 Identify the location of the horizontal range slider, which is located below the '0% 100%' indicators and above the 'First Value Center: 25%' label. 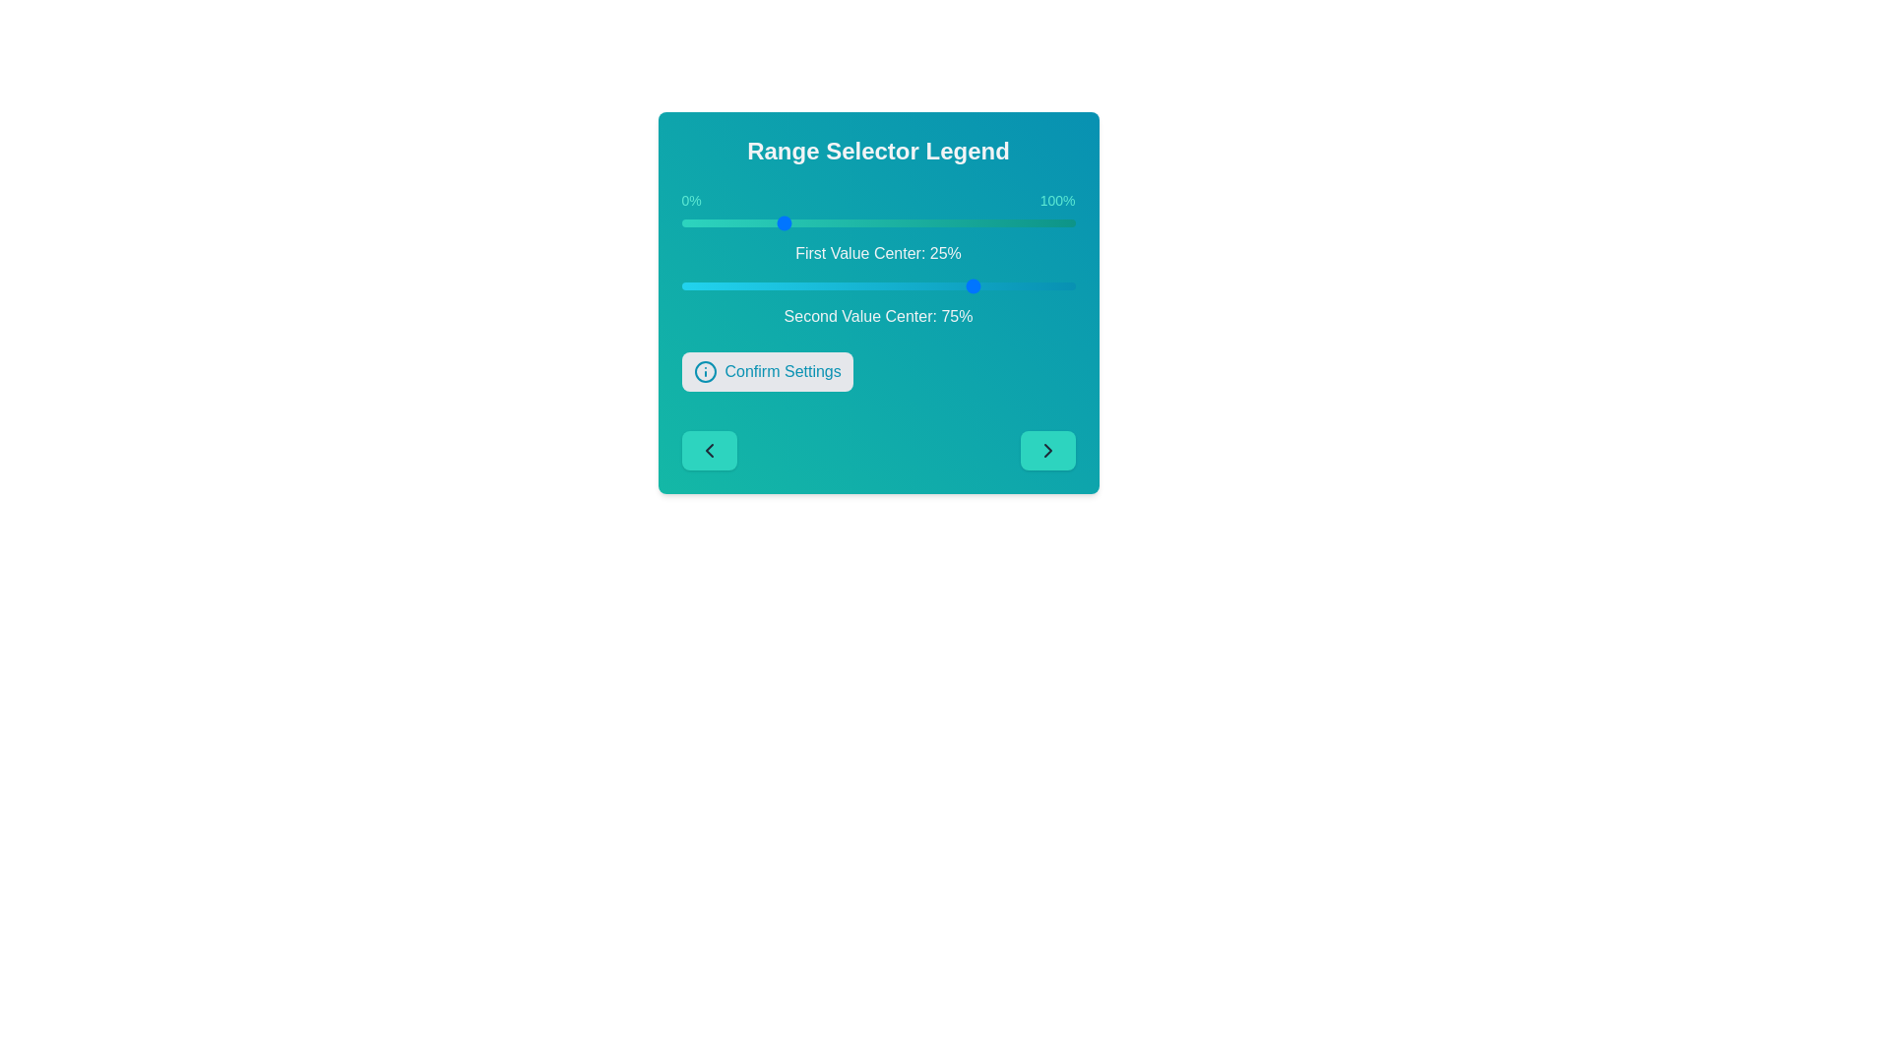
(877, 222).